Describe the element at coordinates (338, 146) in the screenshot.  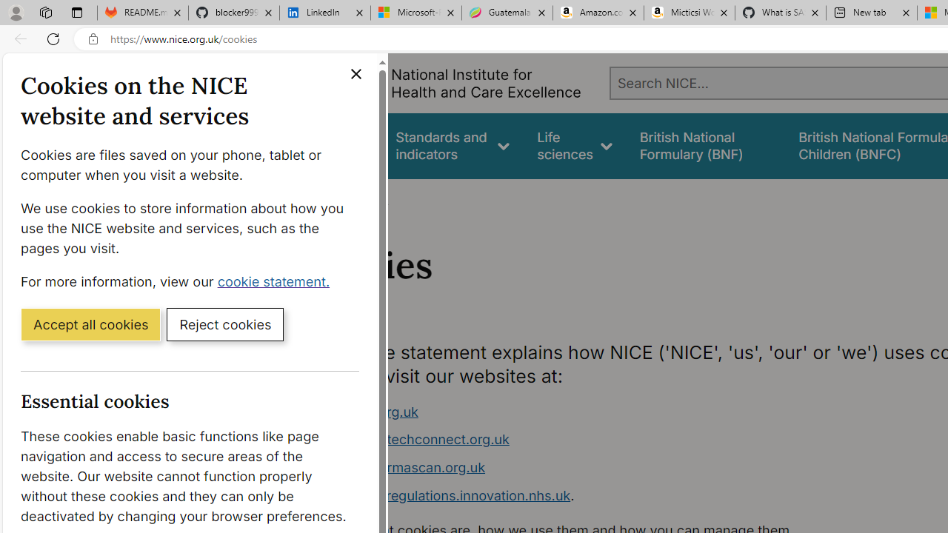
I see `'Guidance'` at that location.